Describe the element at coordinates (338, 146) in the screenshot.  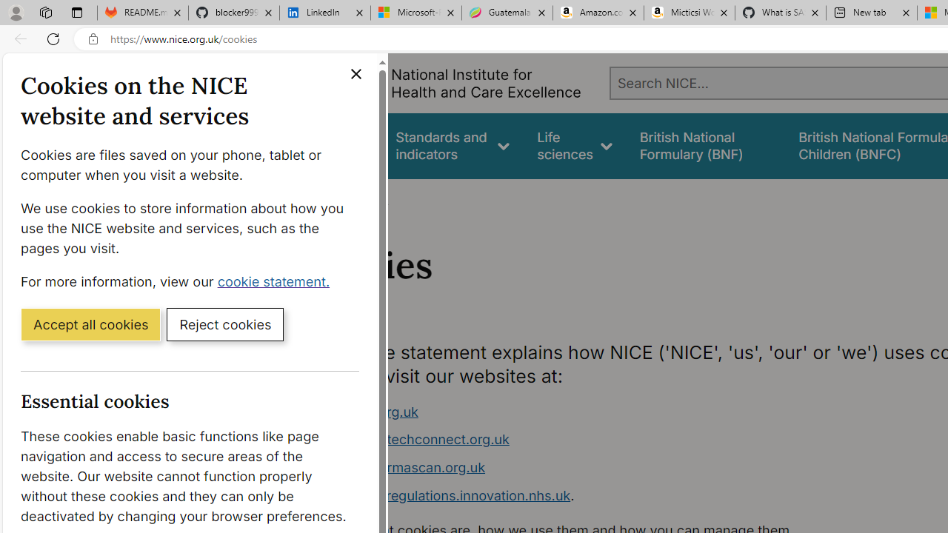
I see `'Guidance'` at that location.